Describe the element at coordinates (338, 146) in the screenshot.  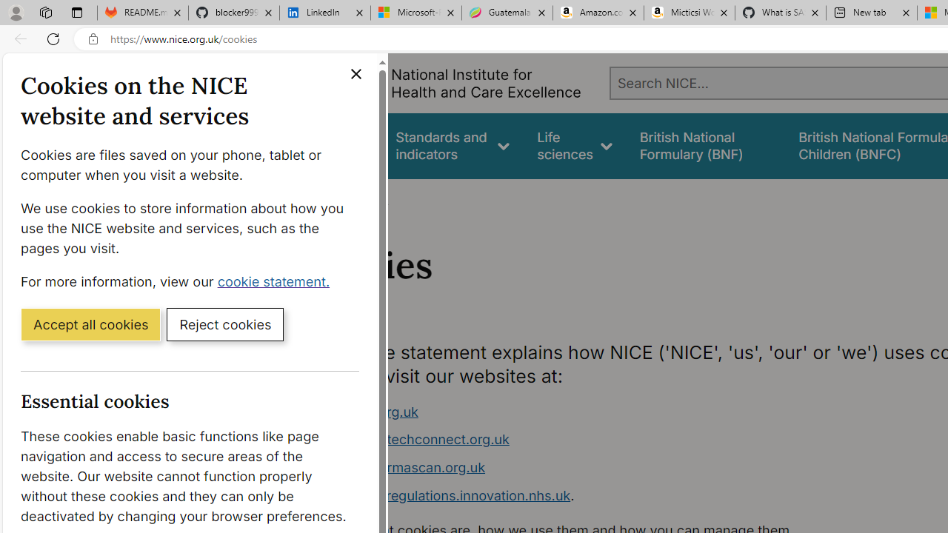
I see `'Guidance'` at that location.